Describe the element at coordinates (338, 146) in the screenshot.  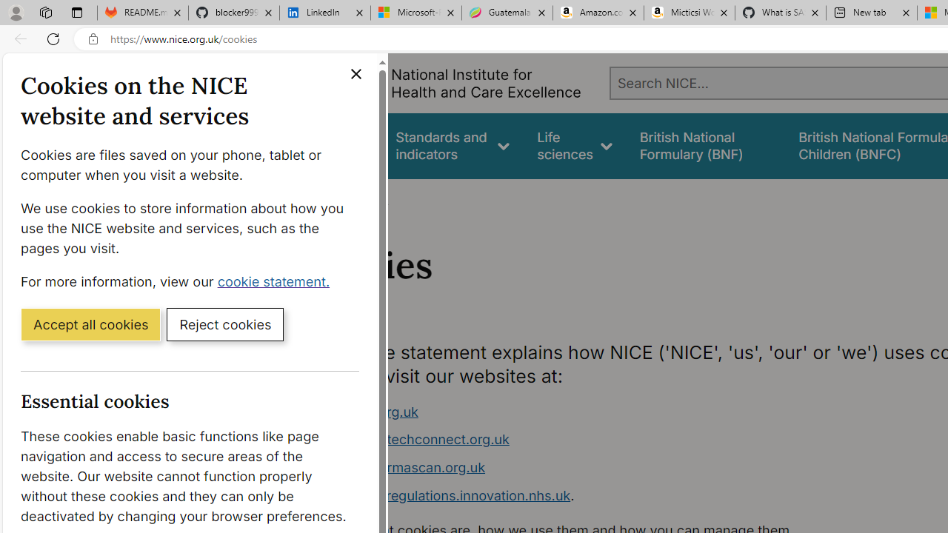
I see `'Guidance'` at that location.